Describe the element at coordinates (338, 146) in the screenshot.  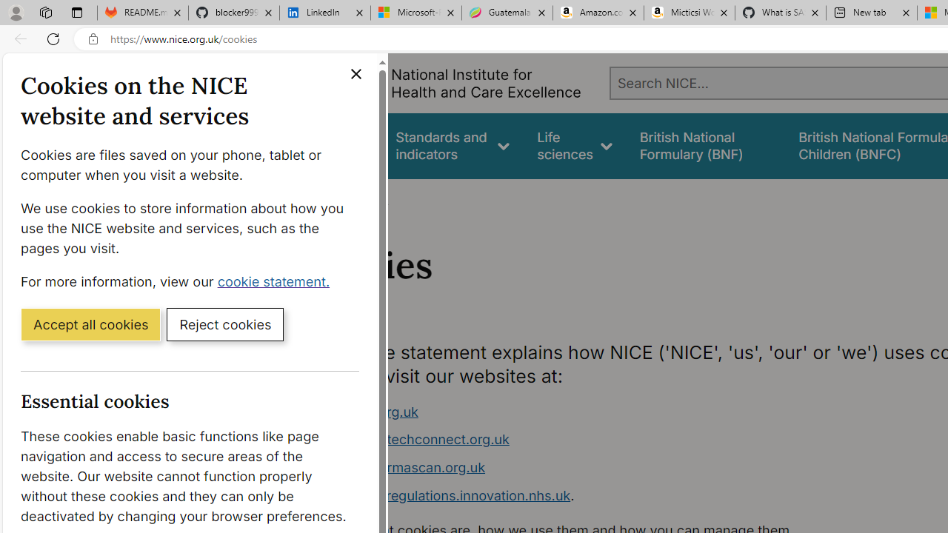
I see `'Guidance'` at that location.